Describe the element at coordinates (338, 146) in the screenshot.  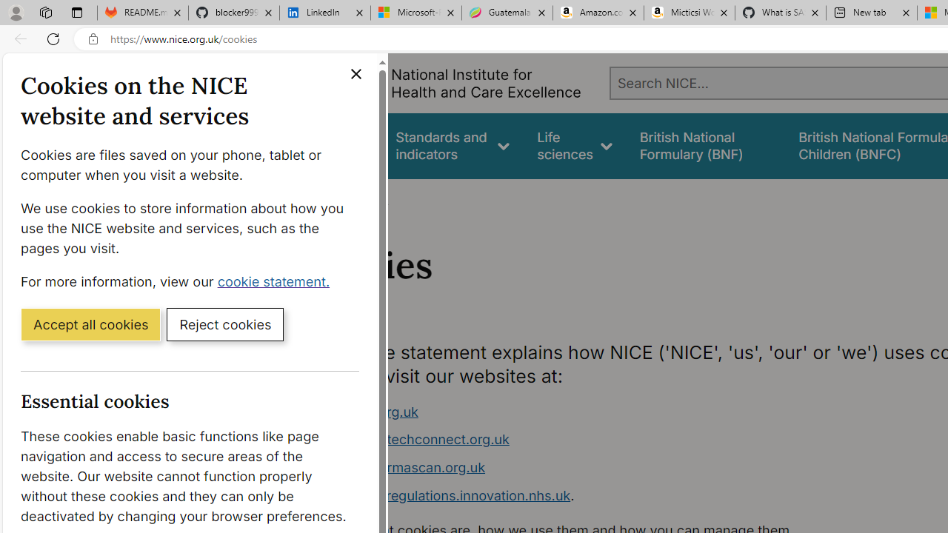
I see `'Guidance'` at that location.